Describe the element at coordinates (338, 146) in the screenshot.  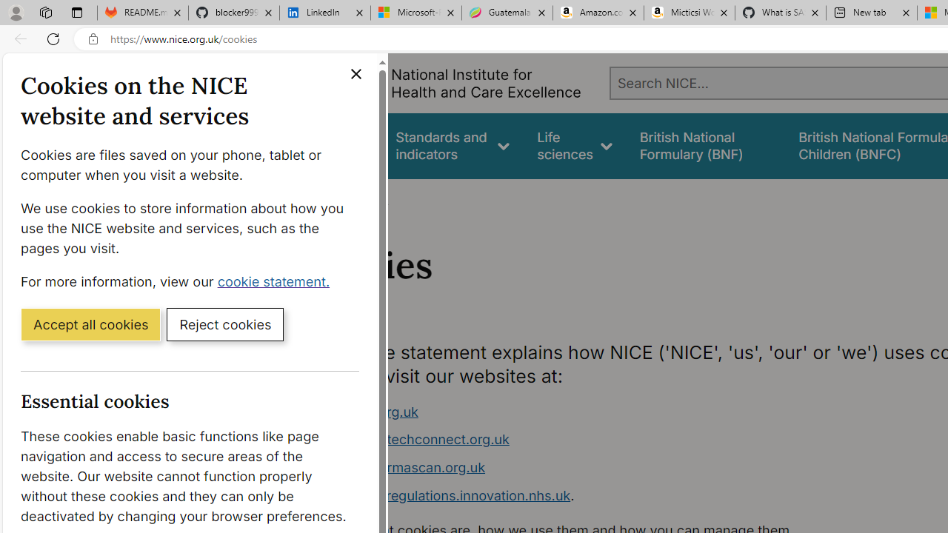
I see `'Guidance'` at that location.